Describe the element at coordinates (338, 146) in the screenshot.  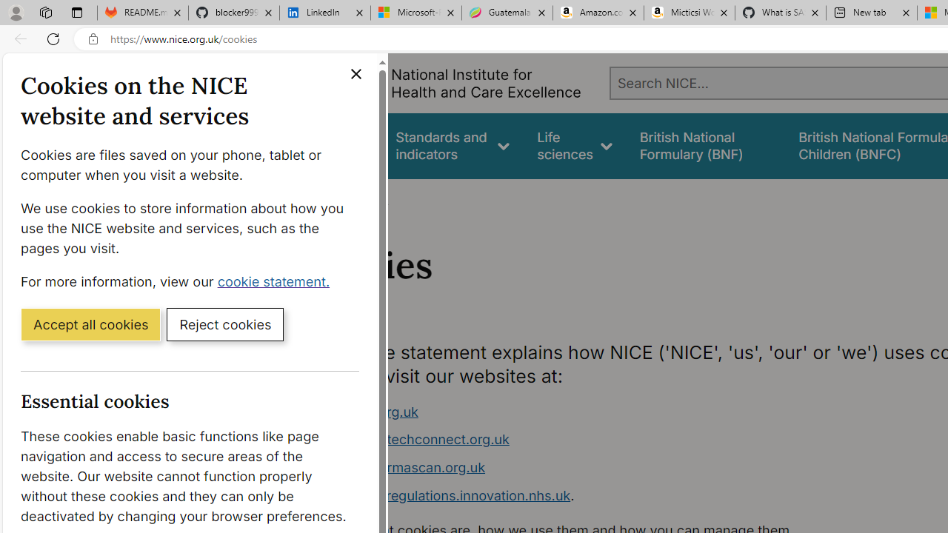
I see `'Guidance'` at that location.